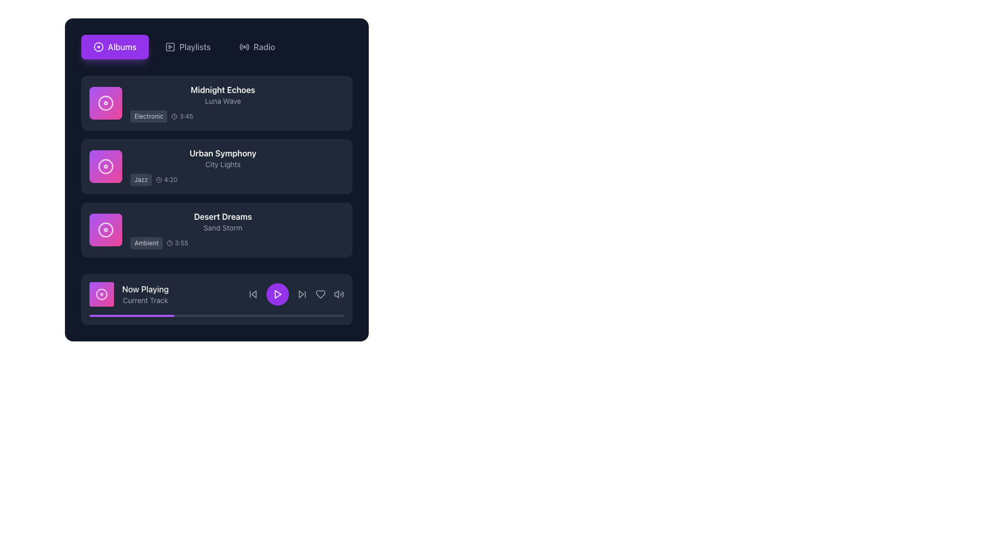 Image resolution: width=982 pixels, height=552 pixels. Describe the element at coordinates (216, 299) in the screenshot. I see `the play button of the 'Now Playing' music bar located at the bottom of the Control Panel, directly under the Desert Dreams card` at that location.